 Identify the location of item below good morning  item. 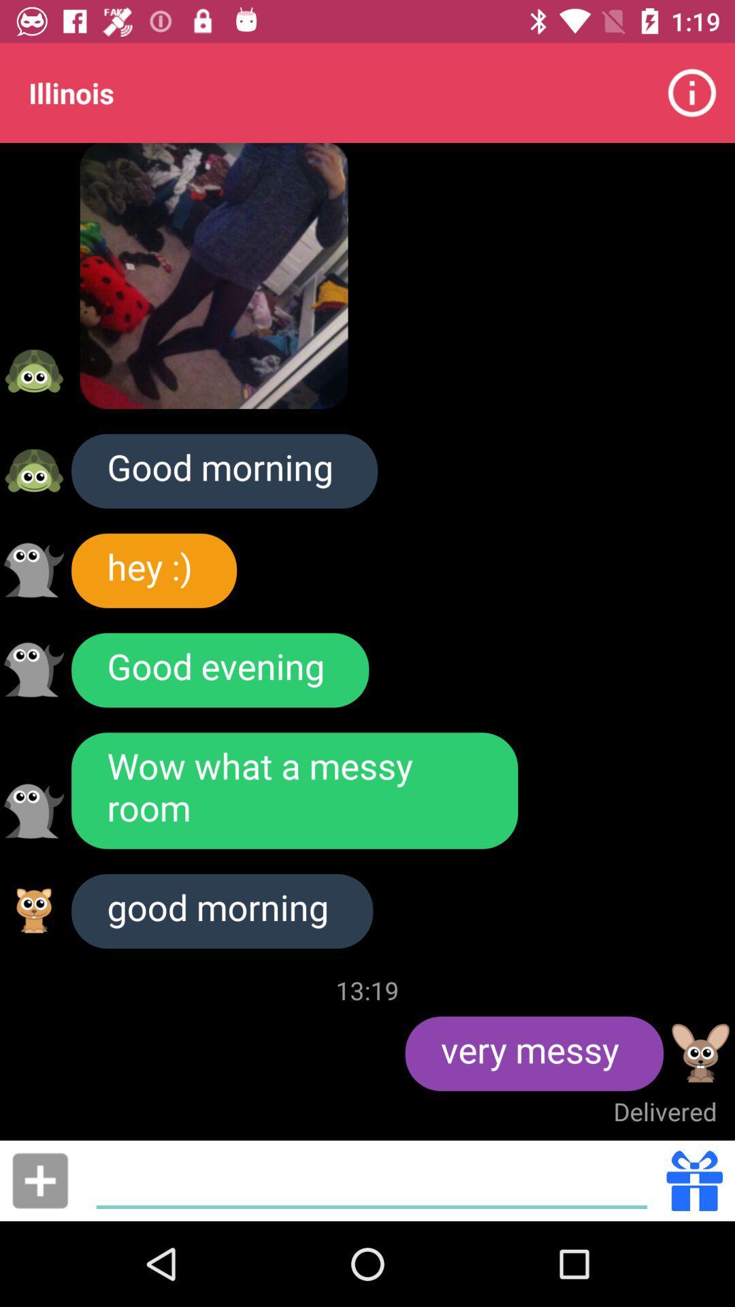
(39, 1180).